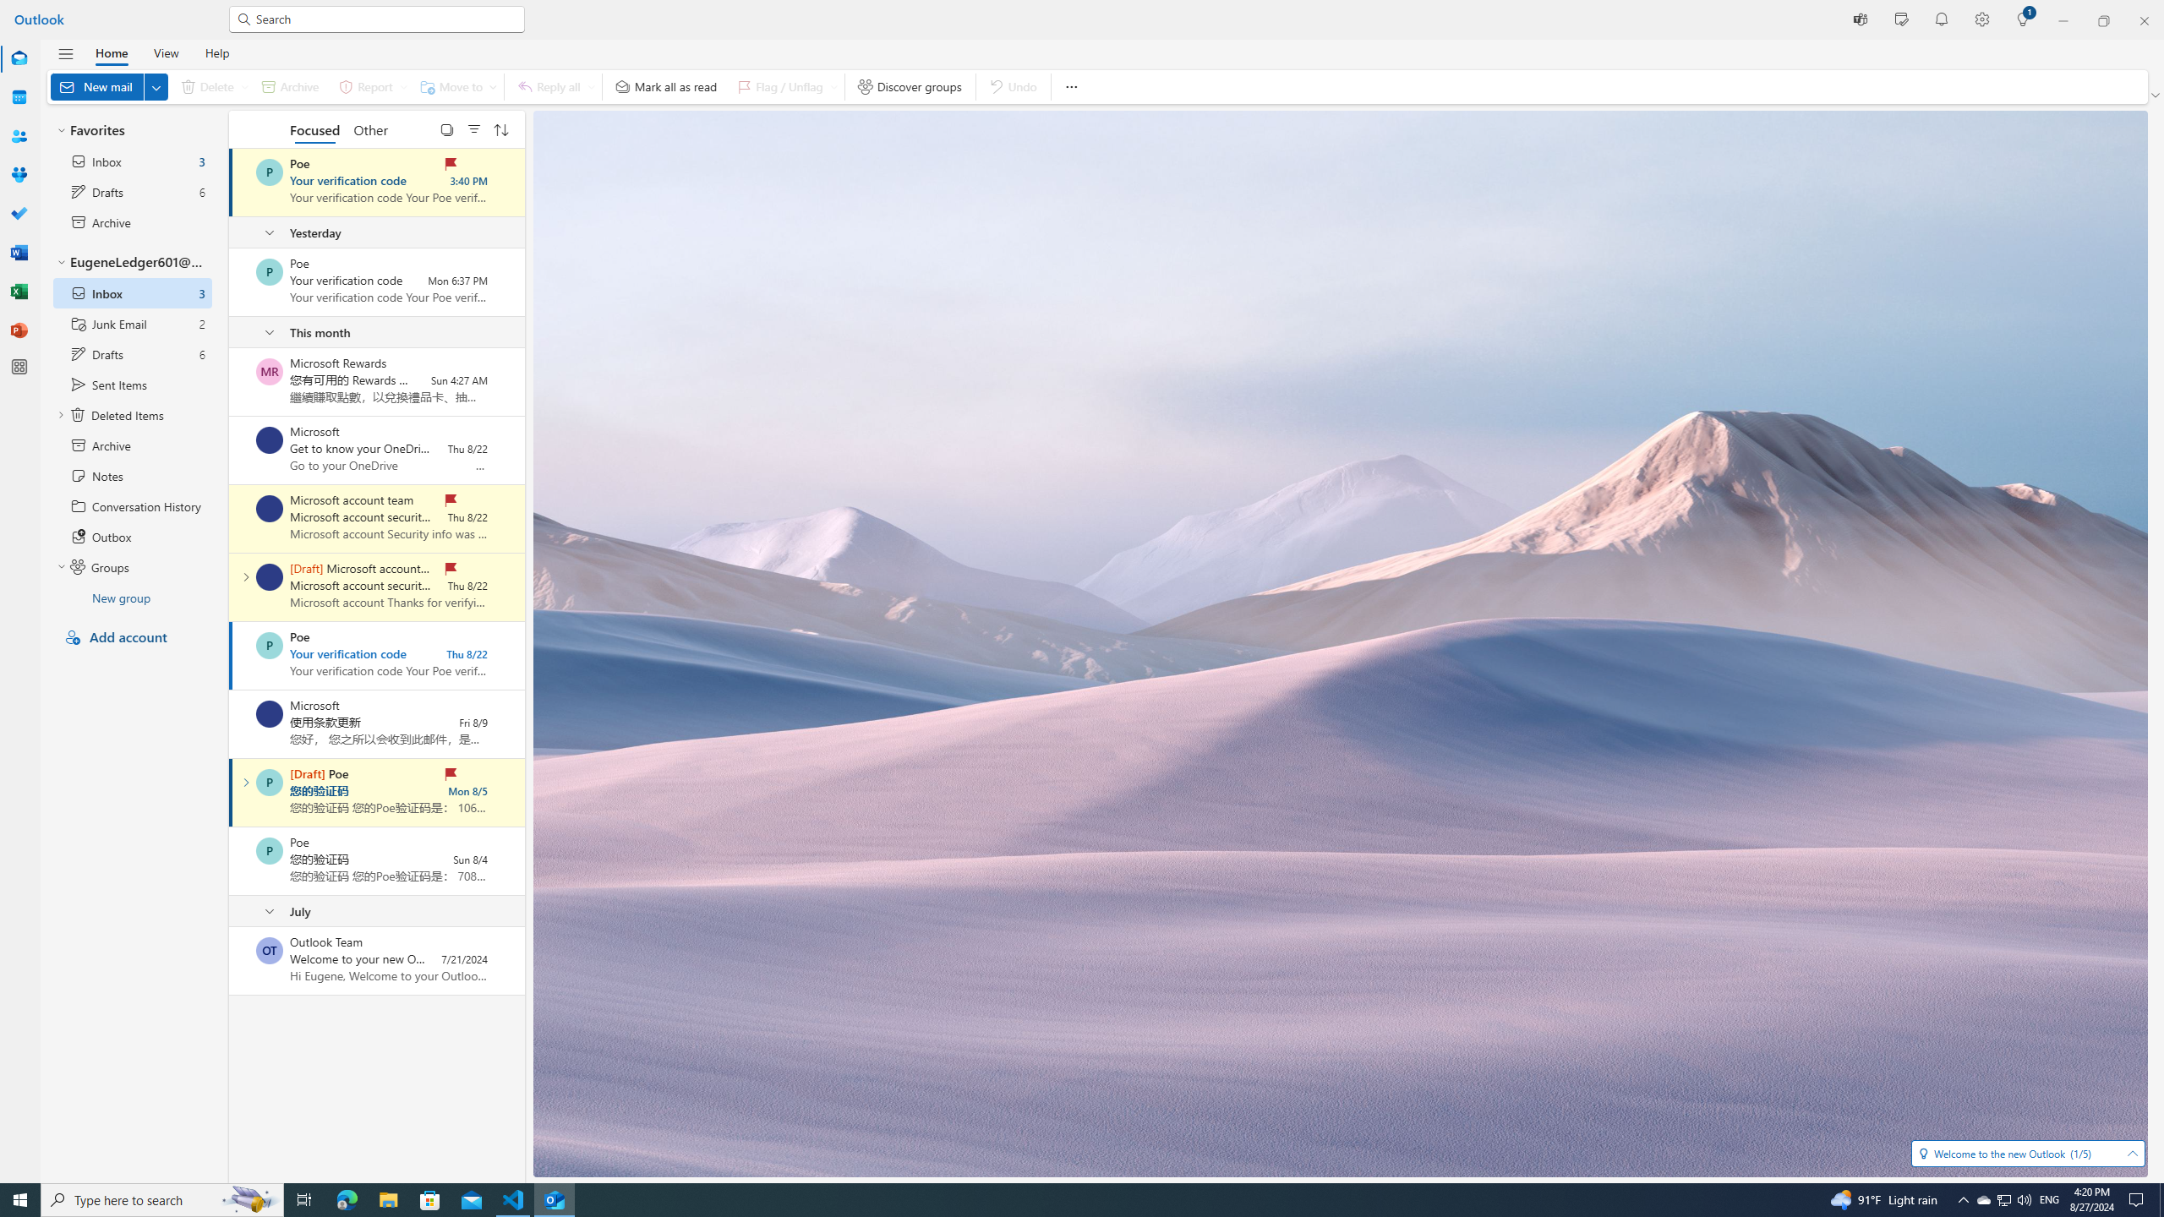 Image resolution: width=2164 pixels, height=1217 pixels. What do you see at coordinates (1071, 86) in the screenshot?
I see `'More options'` at bounding box center [1071, 86].